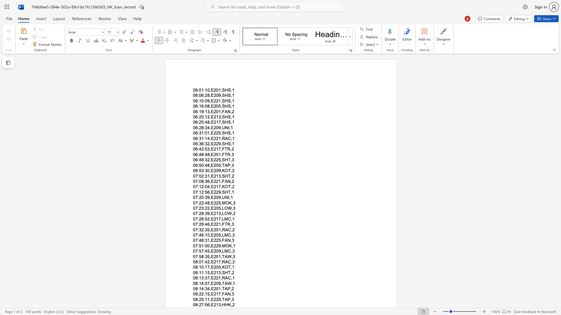 This screenshot has width=561, height=315. Describe the element at coordinates (218, 304) in the screenshot. I see `the space between the continuous character "1" and "3" in the text` at that location.